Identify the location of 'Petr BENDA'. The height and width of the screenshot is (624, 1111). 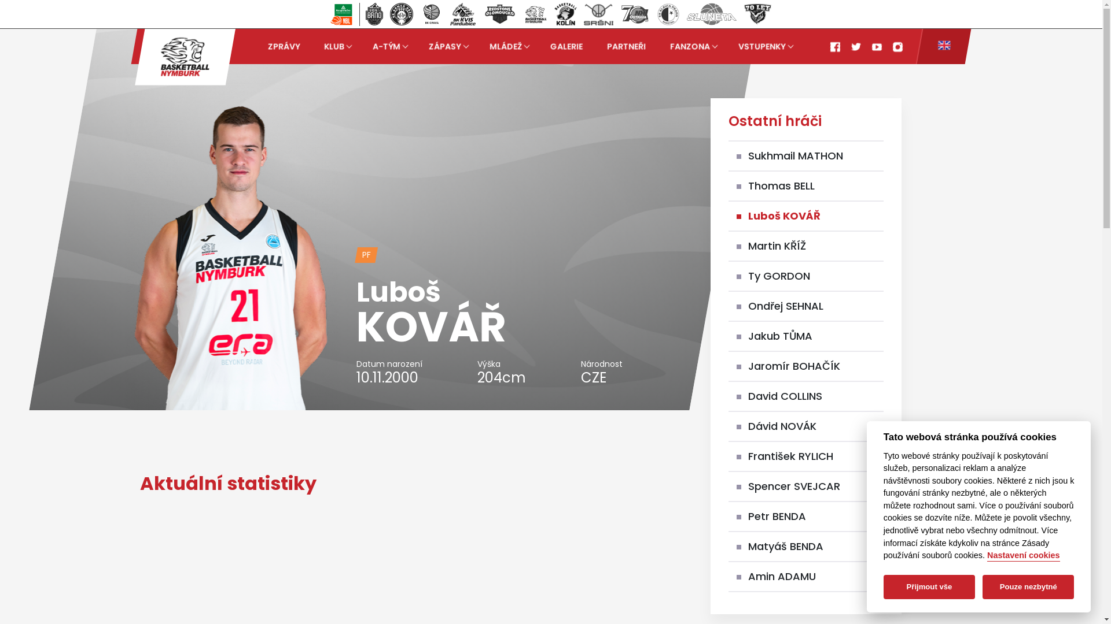
(777, 515).